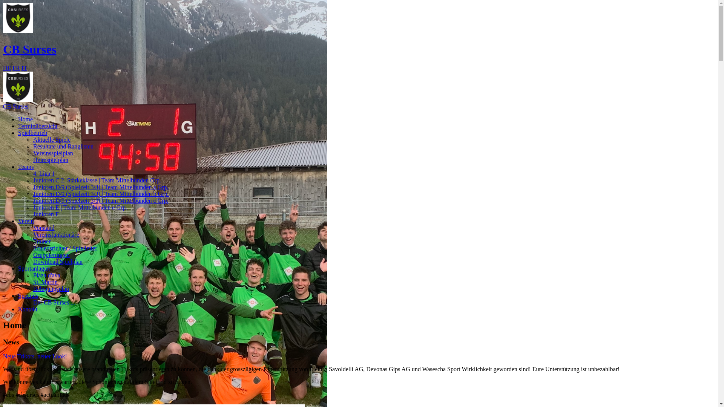 This screenshot has height=407, width=724. I want to click on 'Teams', so click(26, 166).